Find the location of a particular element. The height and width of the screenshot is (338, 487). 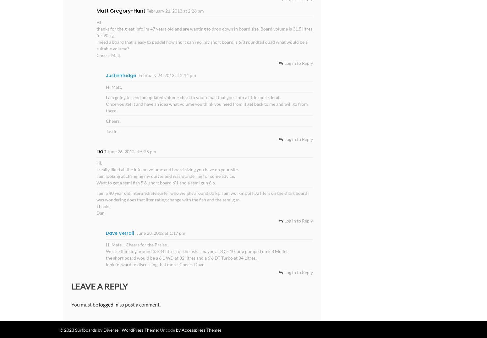

'Once you get it and have an idea what volume you think you need from it get back to me and will go from there.' is located at coordinates (206, 107).